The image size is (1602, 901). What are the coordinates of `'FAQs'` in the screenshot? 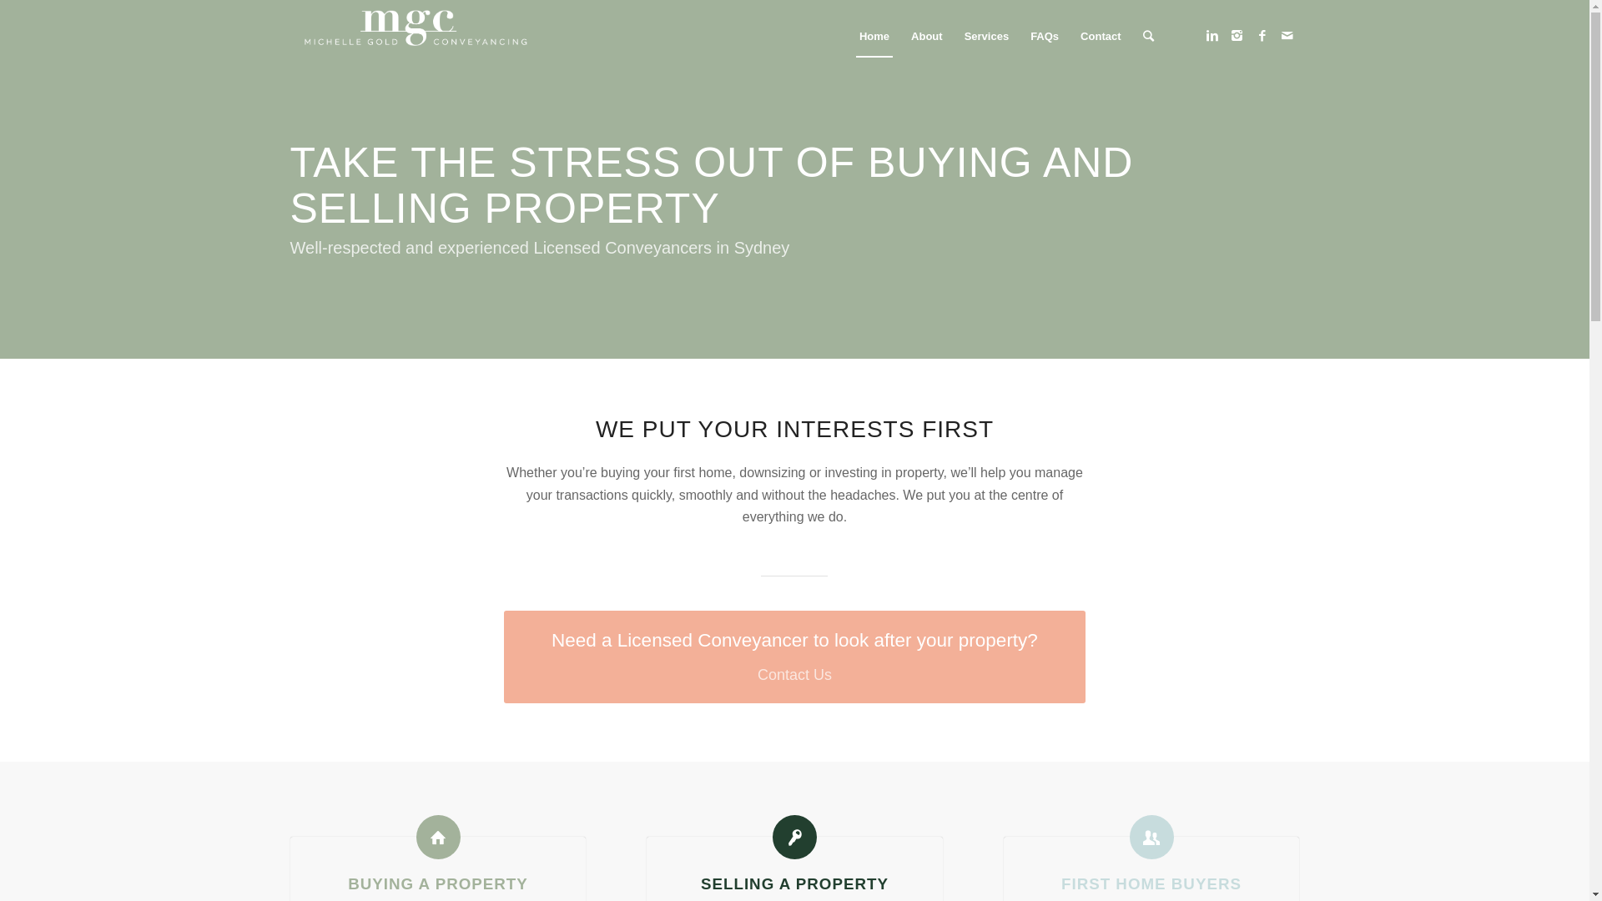 It's located at (1044, 36).